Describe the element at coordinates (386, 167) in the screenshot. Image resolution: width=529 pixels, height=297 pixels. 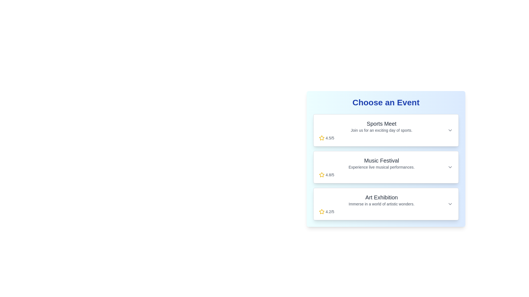
I see `the interactive card for 'Music Festival'` at that location.